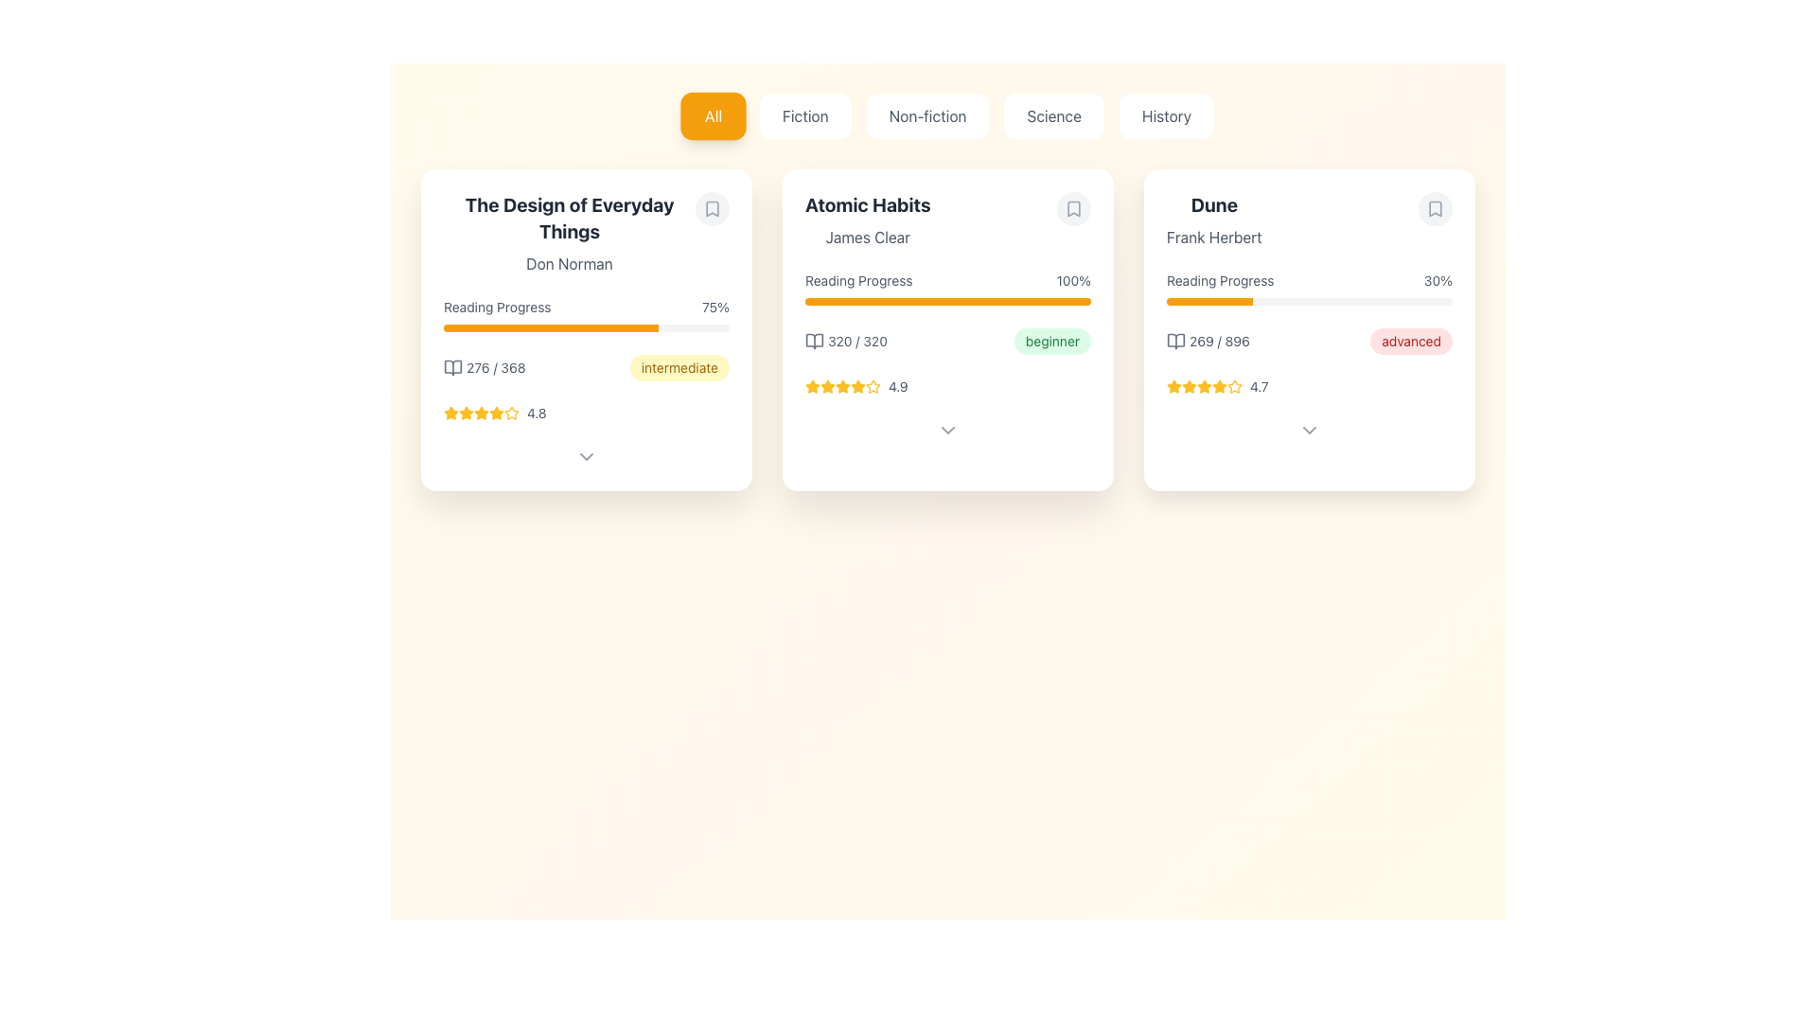 The height and width of the screenshot is (1022, 1817). I want to click on the first star-shaped icon with a yellow fill, which represents a filled star in the rating sequence, located below the text '276 / 368' and to the left of '4.8' in the card labeled 'The Design of Everyday Things.', so click(450, 412).